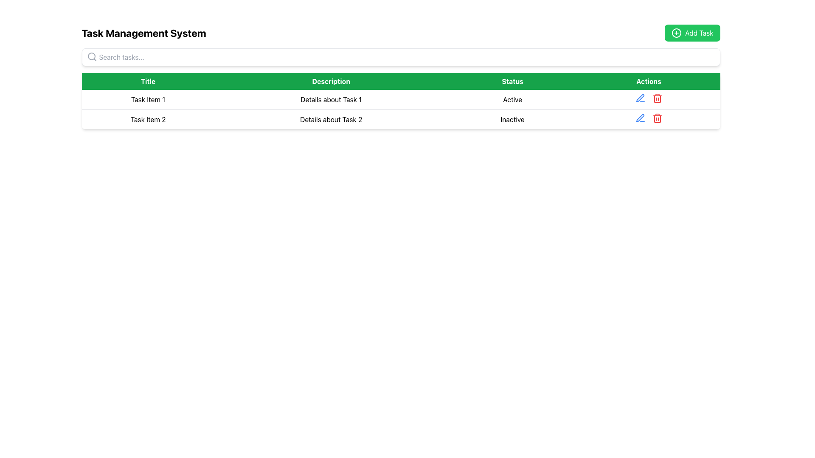  I want to click on the green 'Add Task' button with rounded corners to trigger its hover effect, which changes its color to a darker shade of green, so click(692, 32).